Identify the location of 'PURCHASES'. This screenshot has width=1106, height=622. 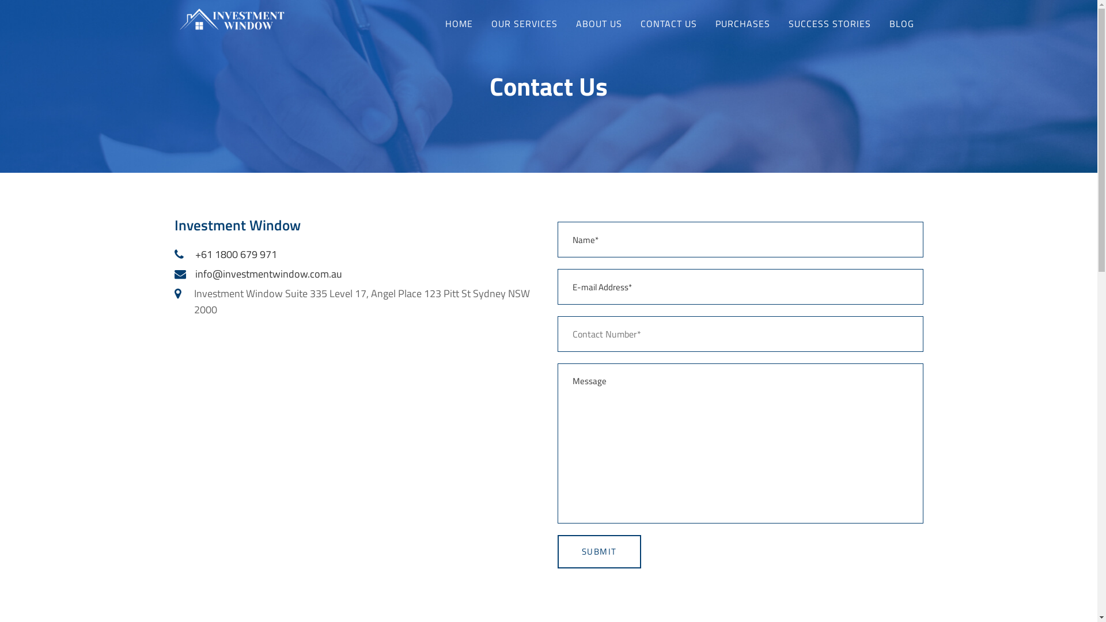
(705, 23).